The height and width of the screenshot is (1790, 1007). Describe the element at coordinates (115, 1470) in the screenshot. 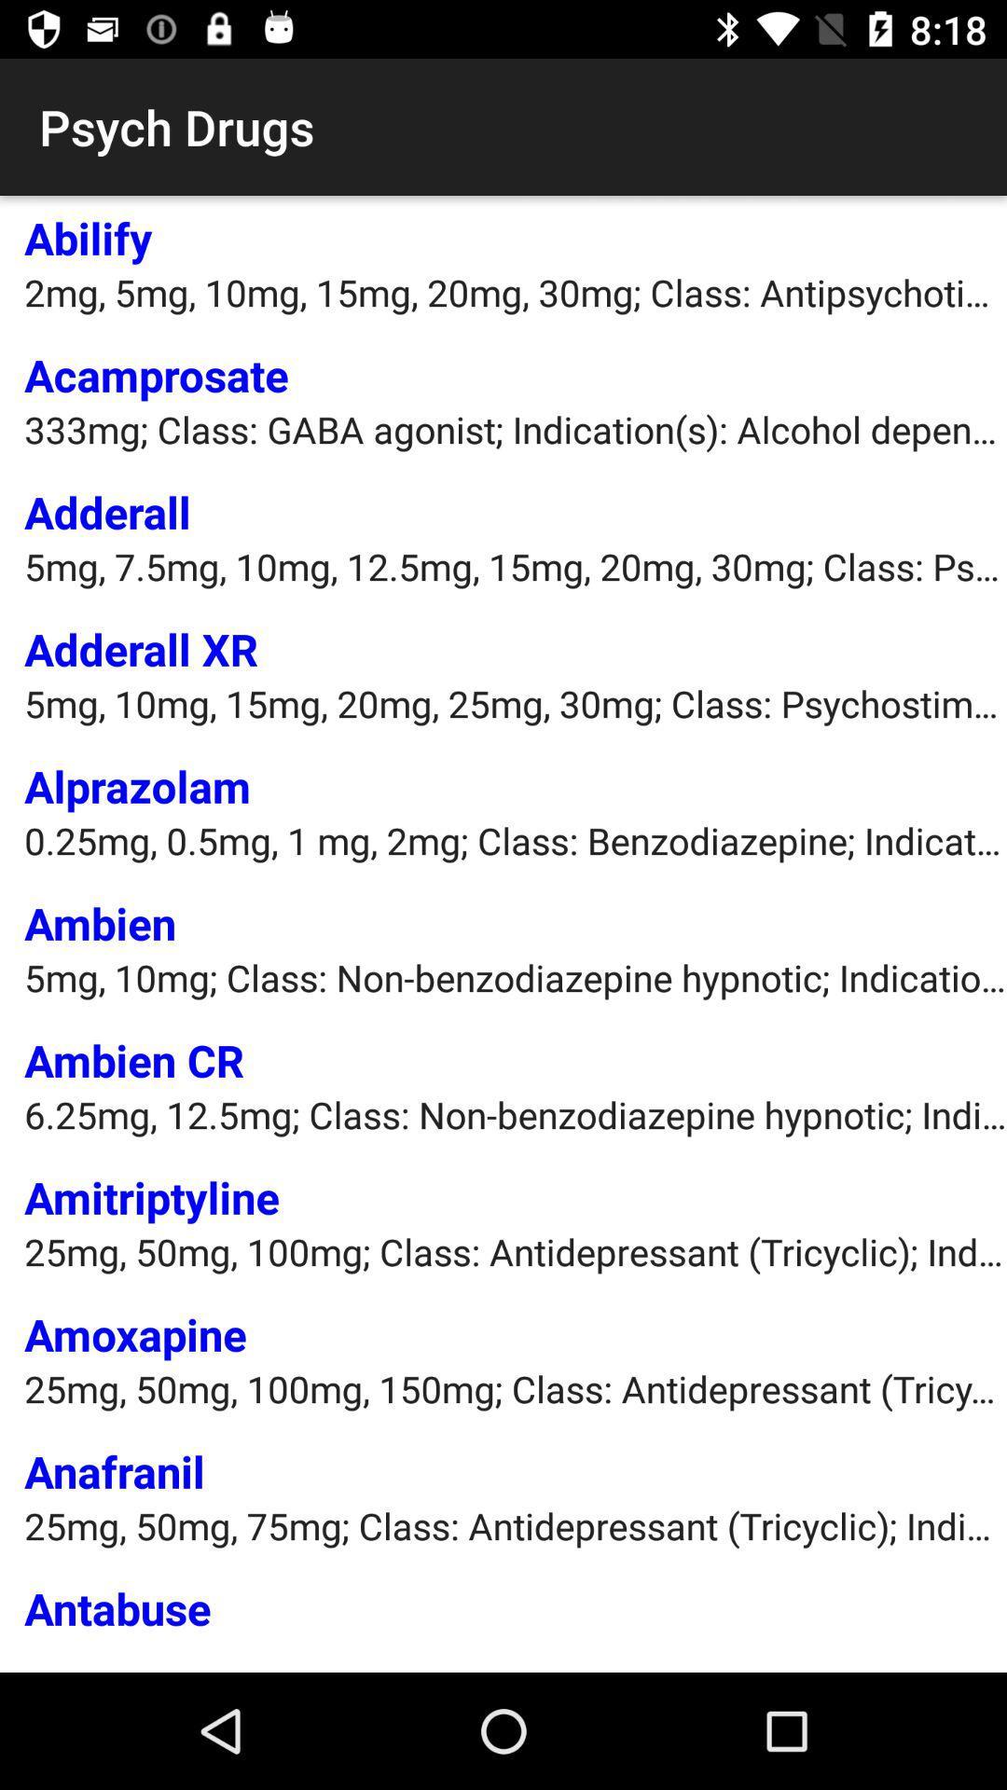

I see `the item above 25mg 50mg 75mg item` at that location.